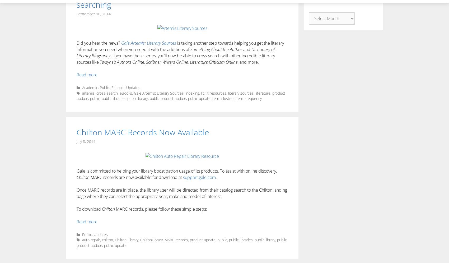 This screenshot has height=263, width=449. Describe the element at coordinates (216, 93) in the screenshot. I see `'lit resources'` at that location.